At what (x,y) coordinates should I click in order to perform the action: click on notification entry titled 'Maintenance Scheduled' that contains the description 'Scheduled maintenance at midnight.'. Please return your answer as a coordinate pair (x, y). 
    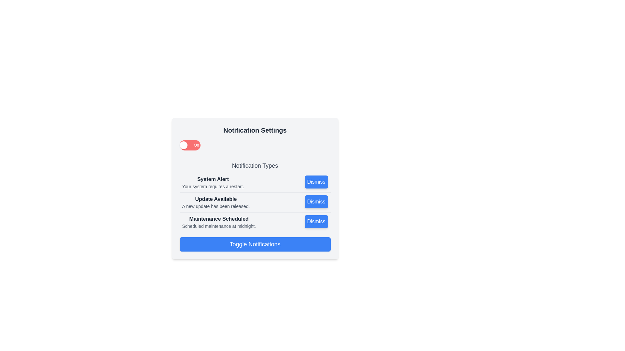
    Looking at the image, I should click on (219, 222).